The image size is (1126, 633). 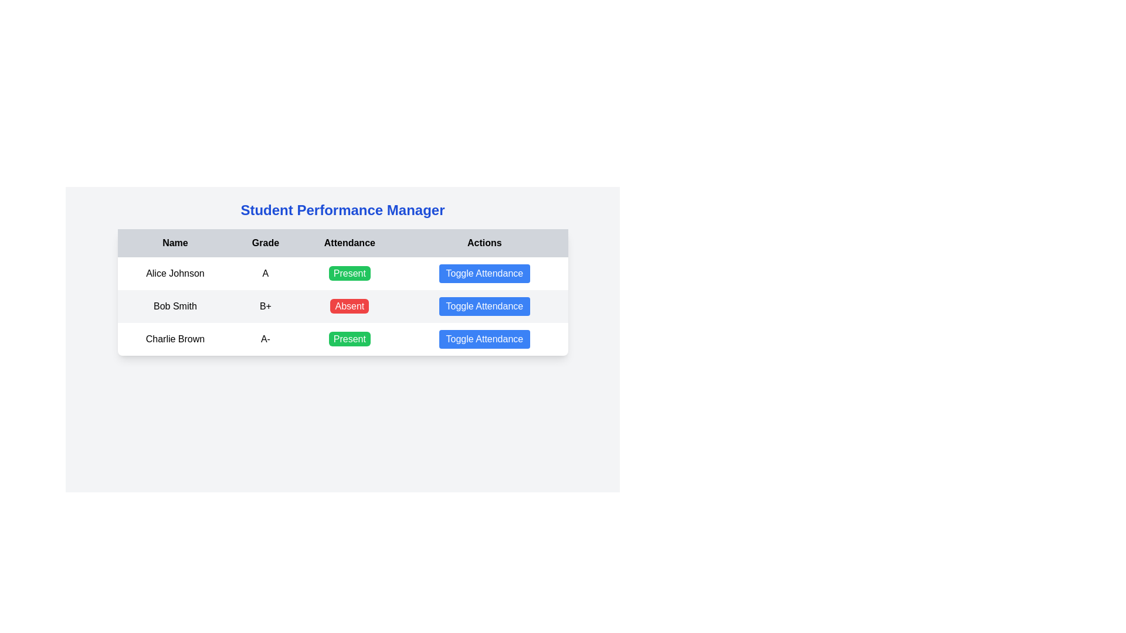 What do you see at coordinates (342, 273) in the screenshot?
I see `the attendance status button indicating 'Present' for Alice Johnson` at bounding box center [342, 273].